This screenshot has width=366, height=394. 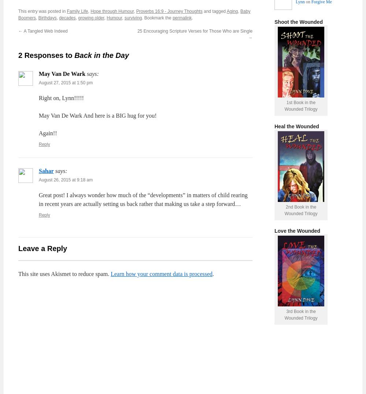 What do you see at coordinates (66, 179) in the screenshot?
I see `'August 26, 2015 at 9:18 am'` at bounding box center [66, 179].